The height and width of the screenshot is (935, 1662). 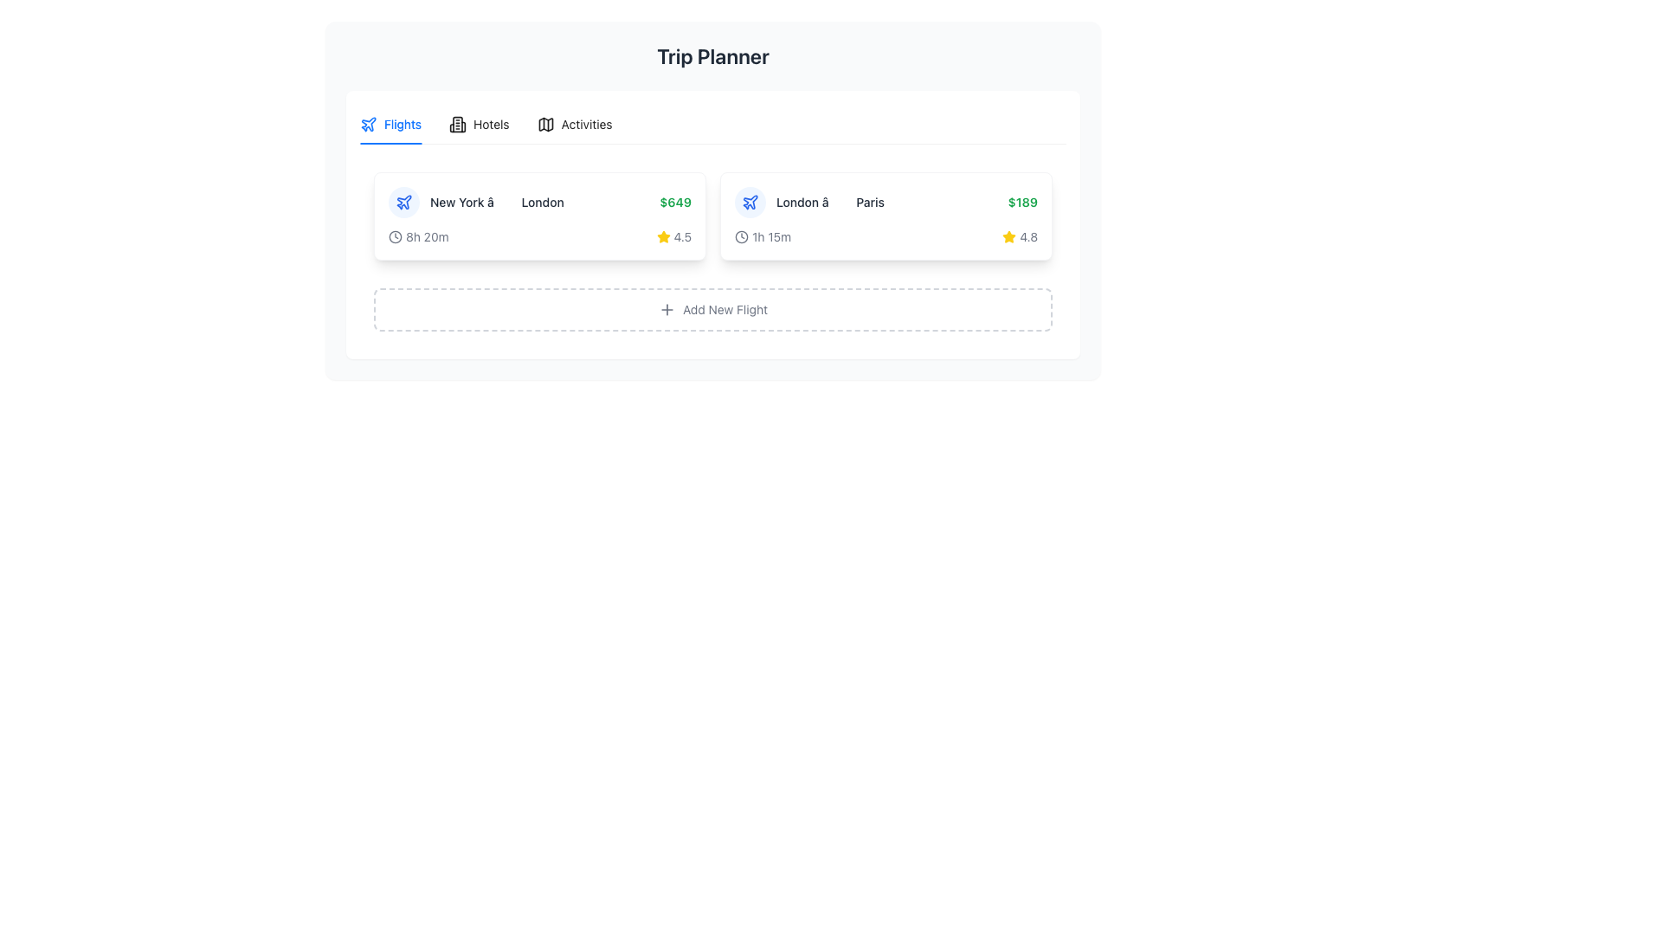 What do you see at coordinates (681, 236) in the screenshot?
I see `the static text label displaying the value '4.5', which is located to the right of a yellow star icon in the rating information group for the 'New York to London' flight option` at bounding box center [681, 236].